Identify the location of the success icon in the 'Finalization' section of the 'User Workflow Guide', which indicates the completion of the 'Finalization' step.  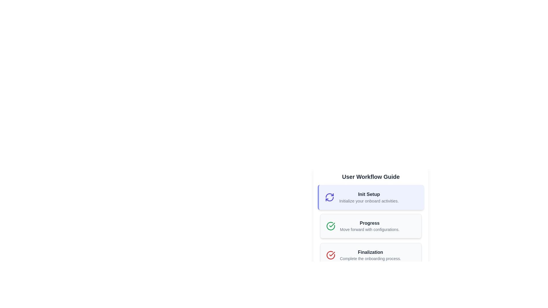
(331, 255).